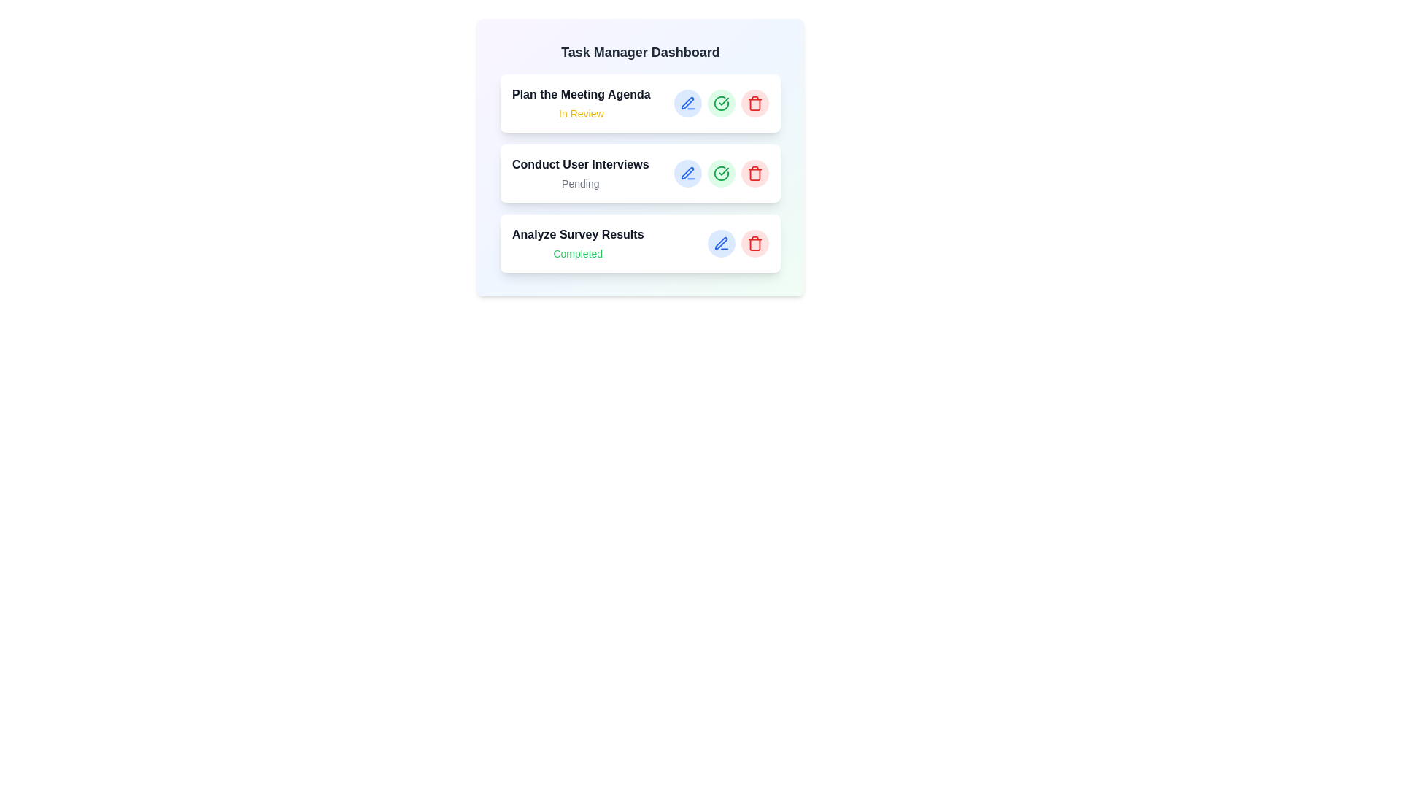  What do you see at coordinates (641, 103) in the screenshot?
I see `the task titled 'Plan the Meeting Agenda' to view additional details` at bounding box center [641, 103].